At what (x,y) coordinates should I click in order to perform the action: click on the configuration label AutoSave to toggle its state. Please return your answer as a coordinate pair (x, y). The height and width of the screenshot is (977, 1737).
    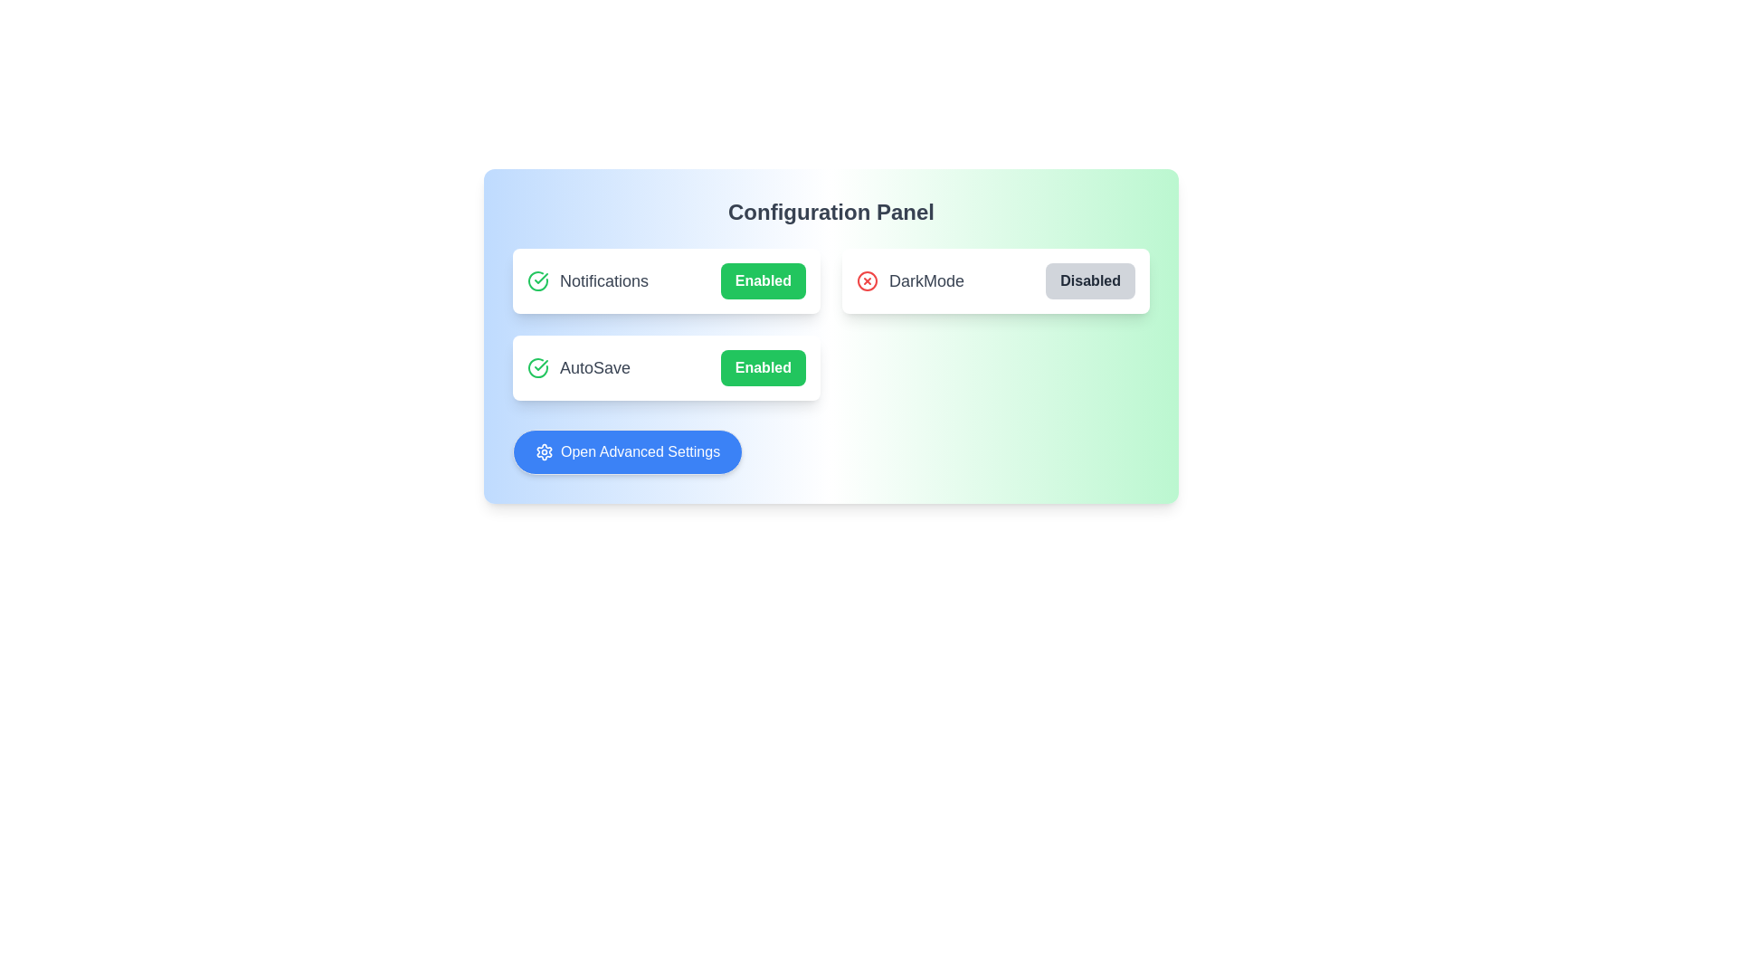
    Looking at the image, I should click on (666, 367).